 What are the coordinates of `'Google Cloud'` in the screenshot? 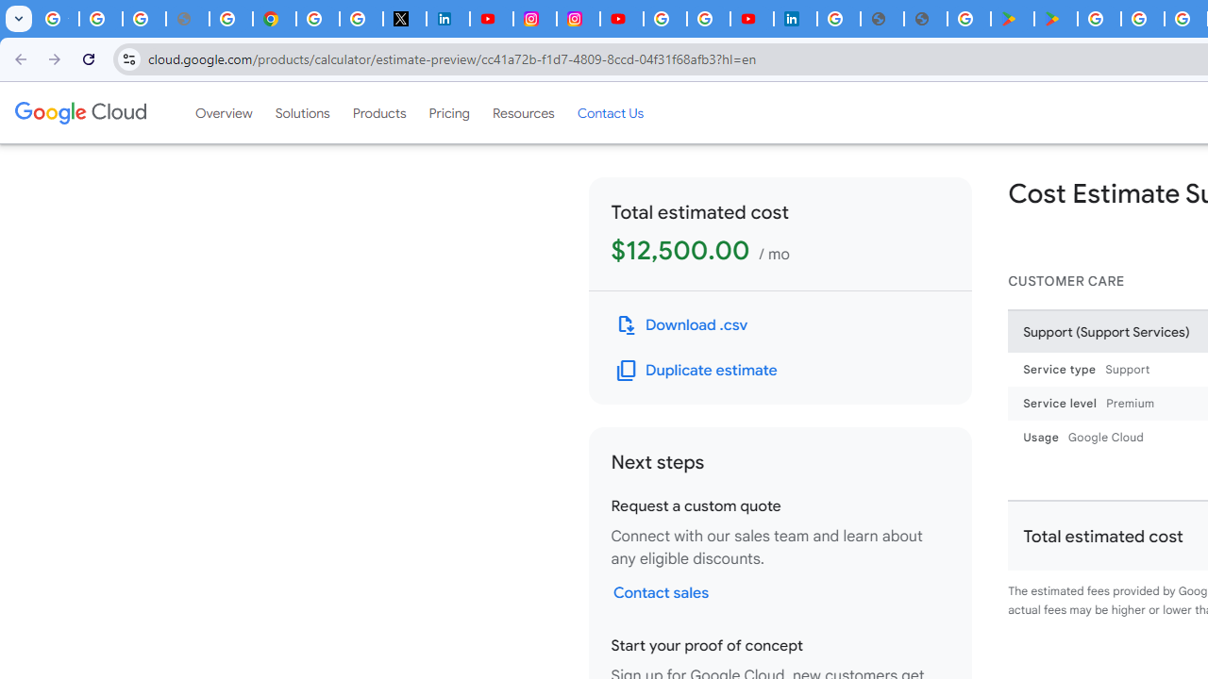 It's located at (79, 112).